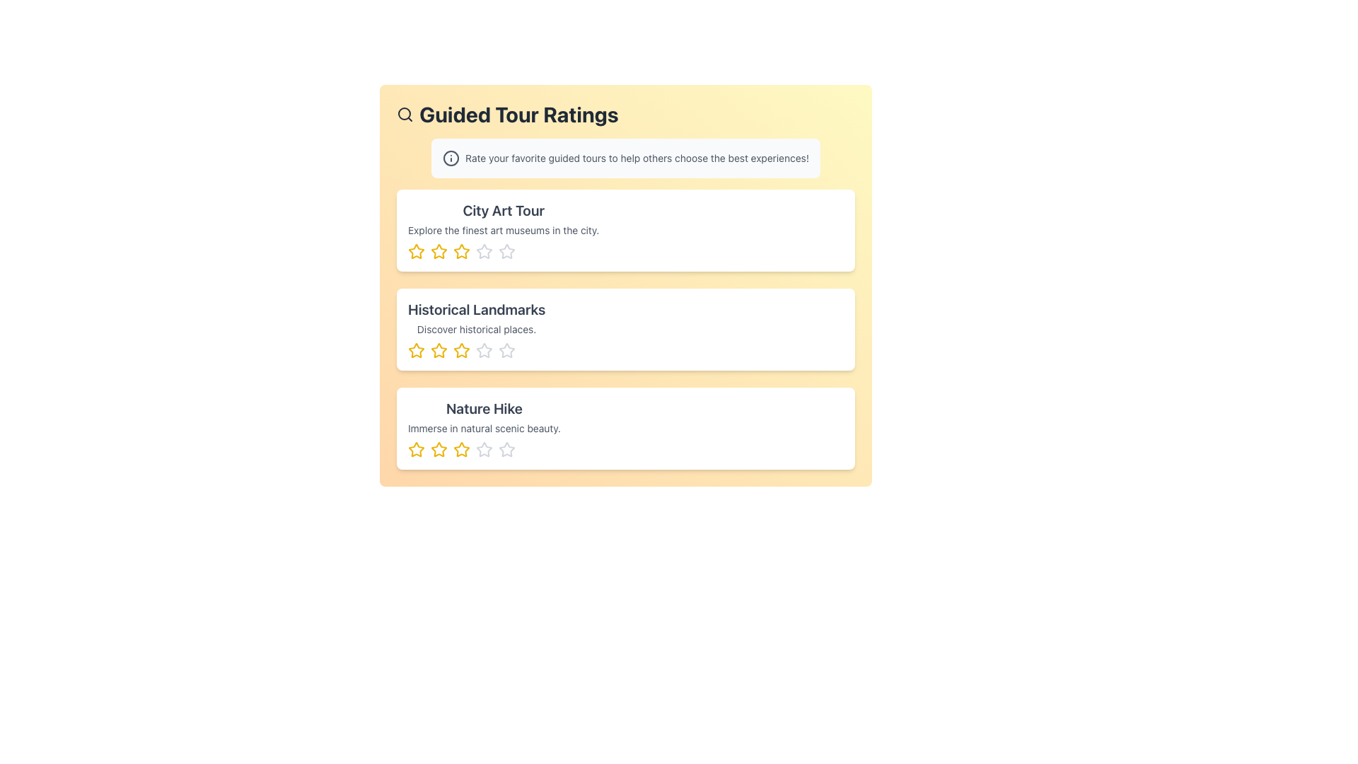 This screenshot has height=764, width=1358. Describe the element at coordinates (504, 230) in the screenshot. I see `the text label that reads 'Explore the finest art museums in the city.' which is located below the 'City Art Tour' title and above the star ratings` at that location.